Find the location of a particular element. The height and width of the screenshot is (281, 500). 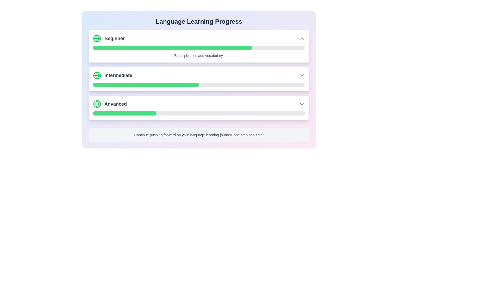

the Dropdown indicator icon located on the rightmost side of the 'Intermediate' section in the 'Language Learning Progress' interface is located at coordinates (302, 75).